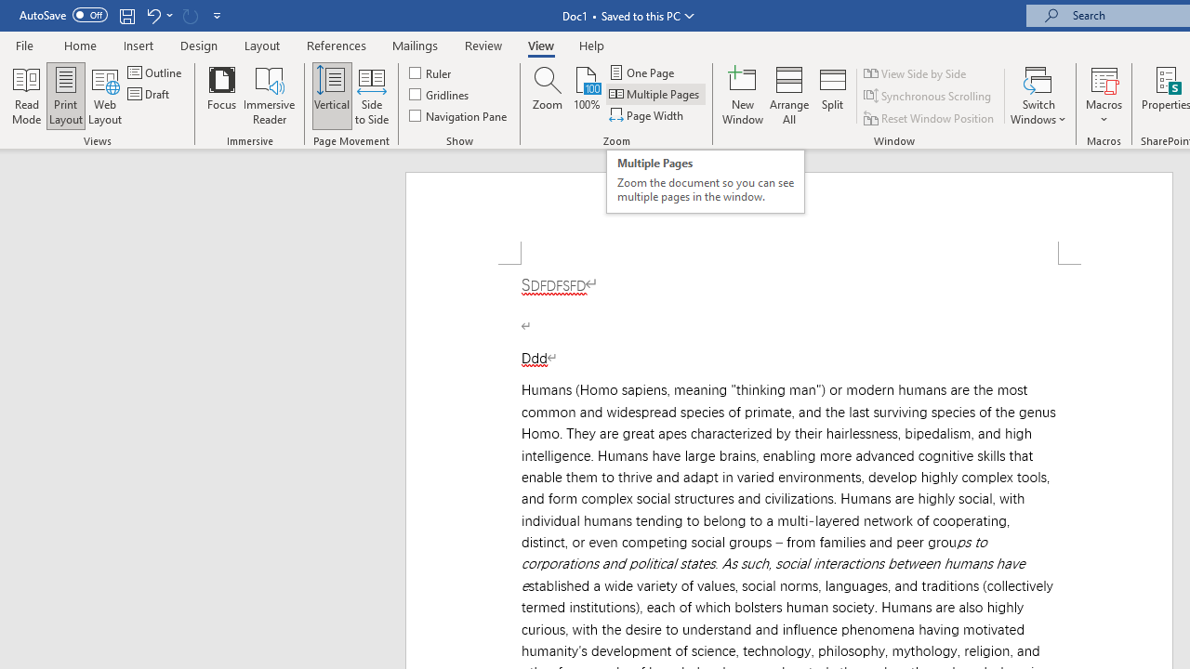 The width and height of the screenshot is (1190, 669). Describe the element at coordinates (916, 72) in the screenshot. I see `'View Side by Side'` at that location.